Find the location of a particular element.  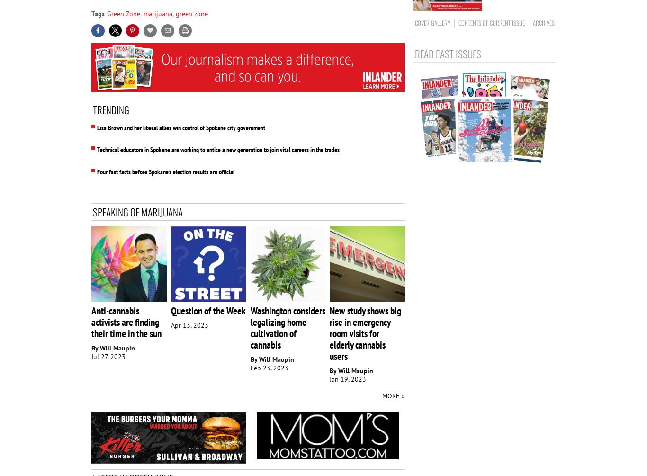

'Washington considers legalizing home cultivation of cannabis' is located at coordinates (287, 328).